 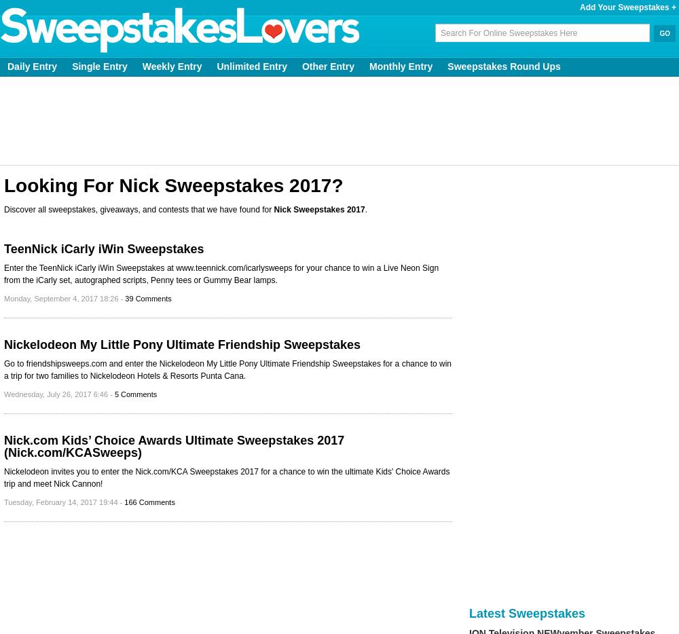 I want to click on 'Go to friendshipsweeps.com and enter the Nickelodeon My Little Pony Ultimate Friendship Sweepstakes for a chance to win a trip for two families to Nickelodeon Hotels & Resorts Punta Cana.', so click(x=227, y=369).